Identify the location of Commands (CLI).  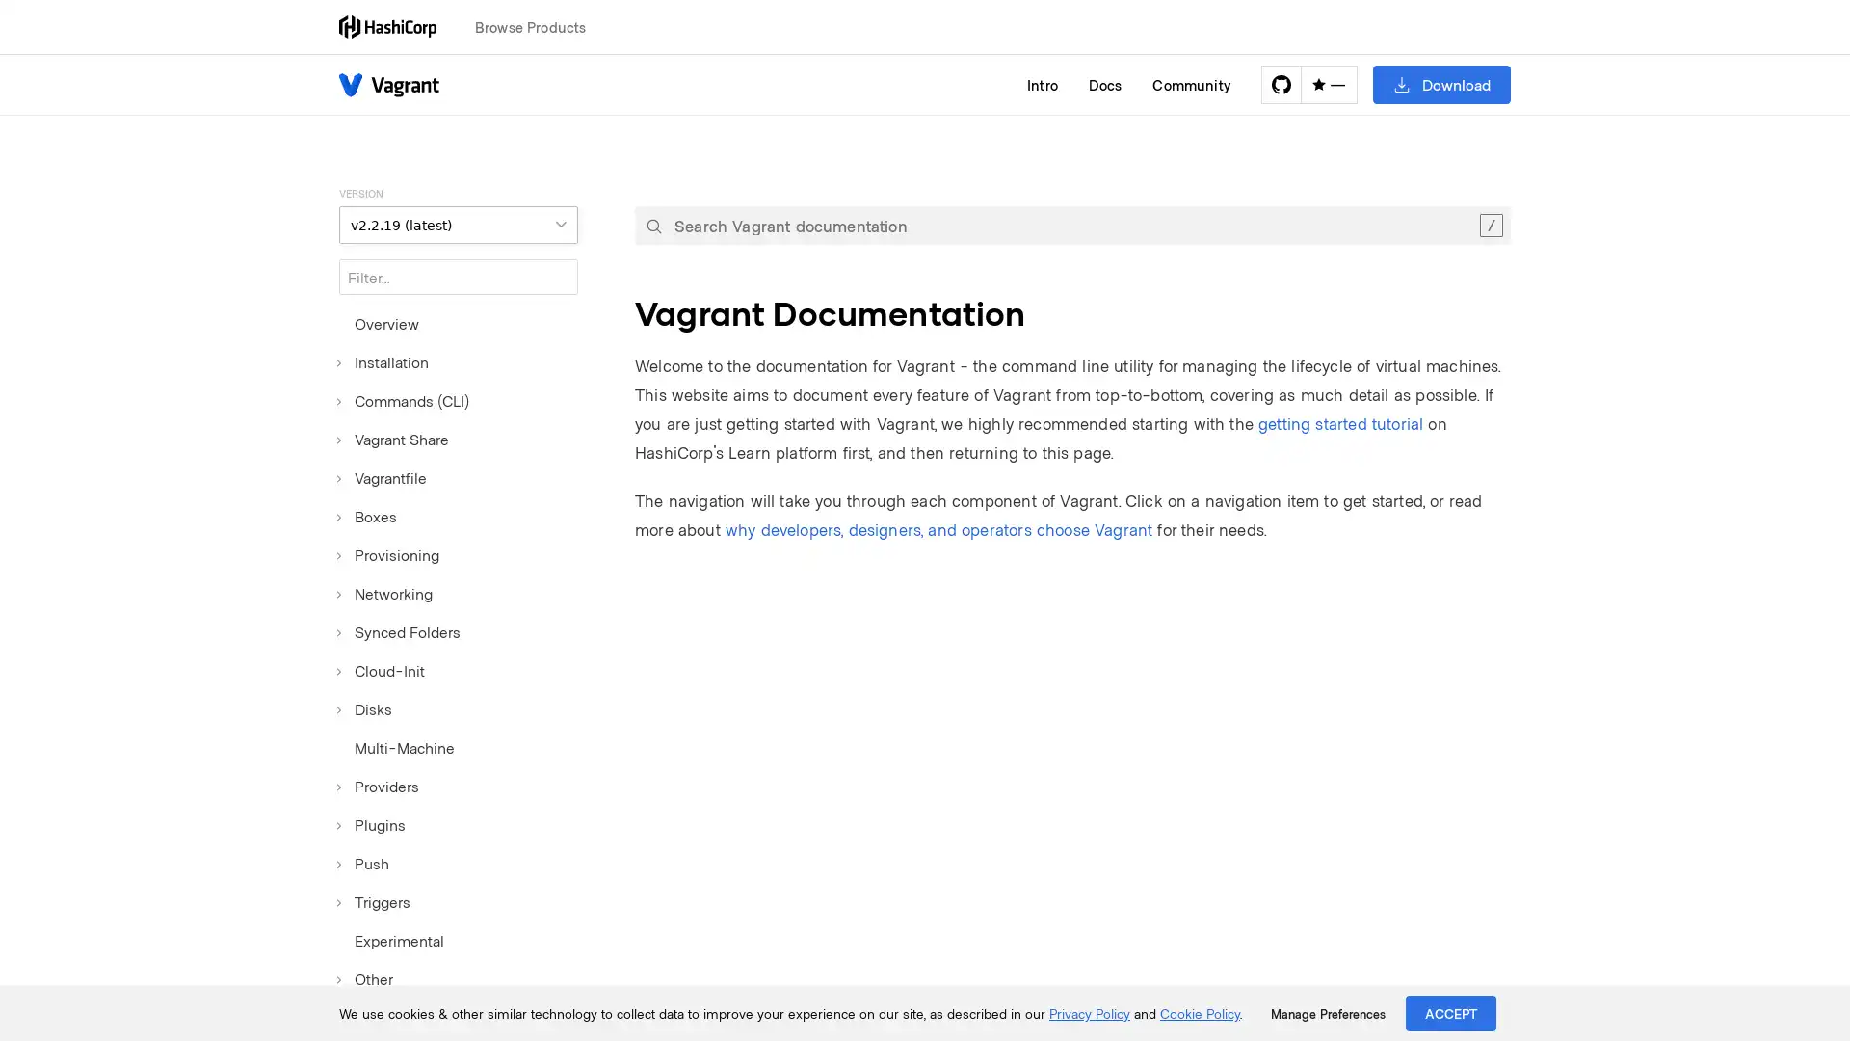
(403, 400).